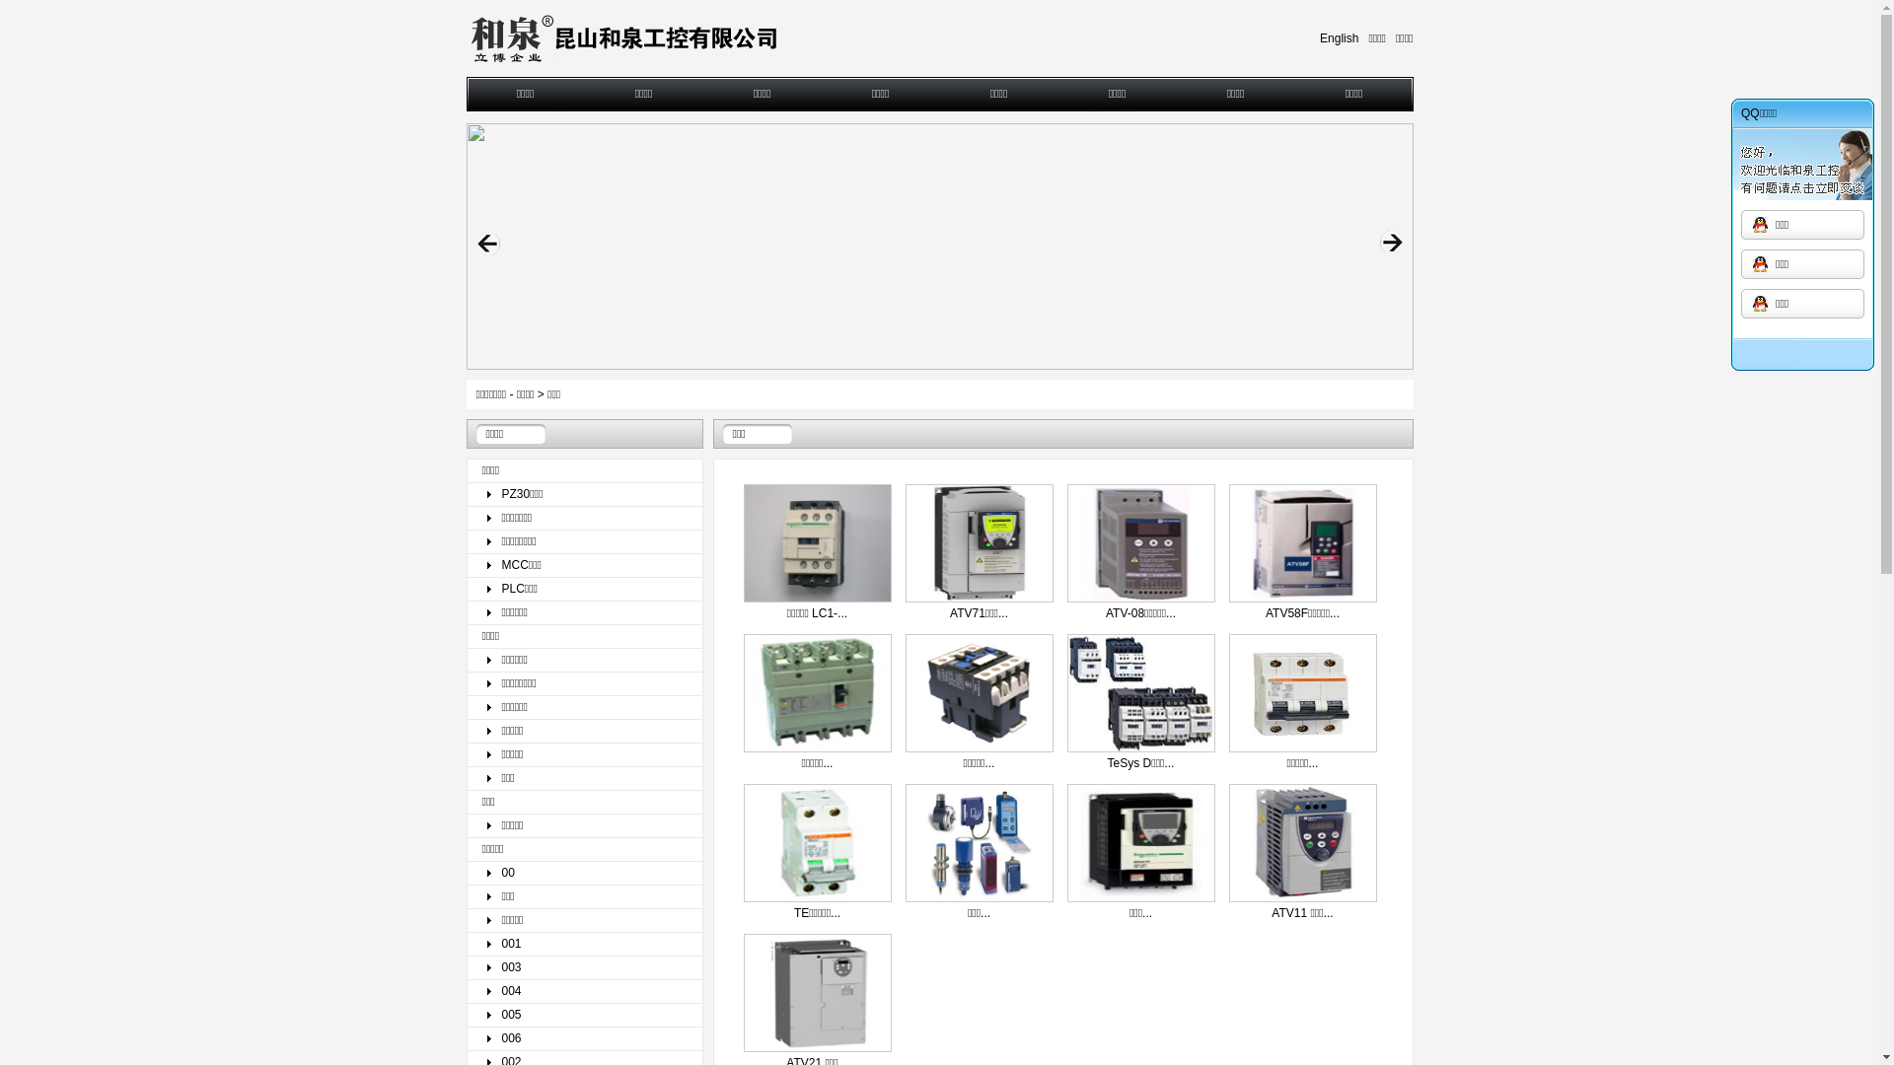 This screenshot has height=1065, width=1894. Describe the element at coordinates (584, 991) in the screenshot. I see `'004'` at that location.